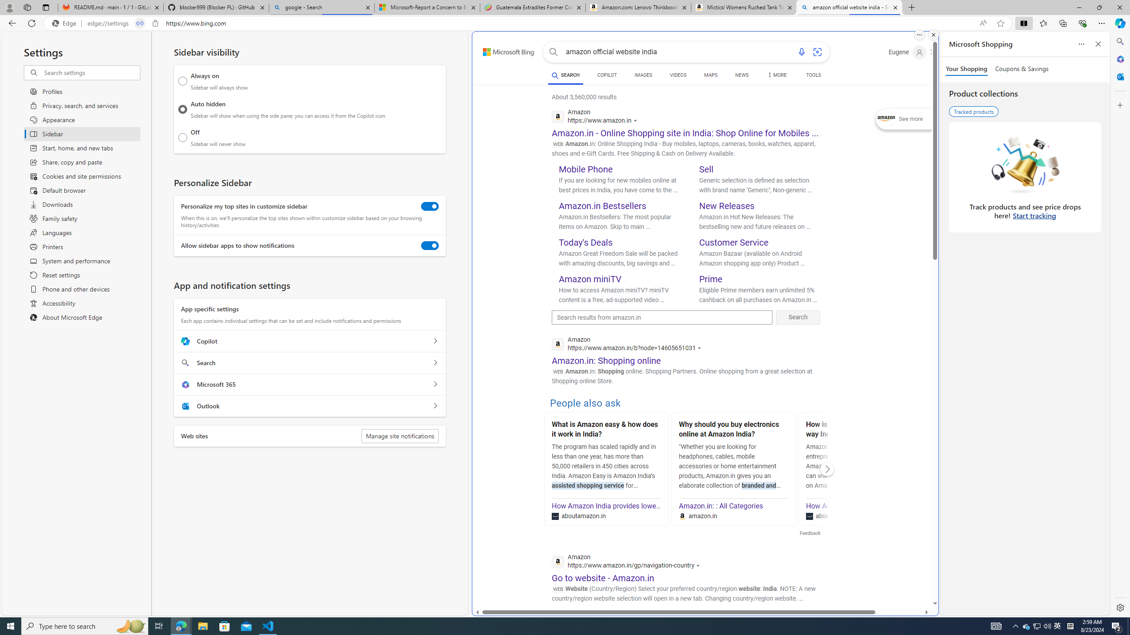 Image resolution: width=1130 pixels, height=635 pixels. I want to click on 'Edge', so click(65, 23).